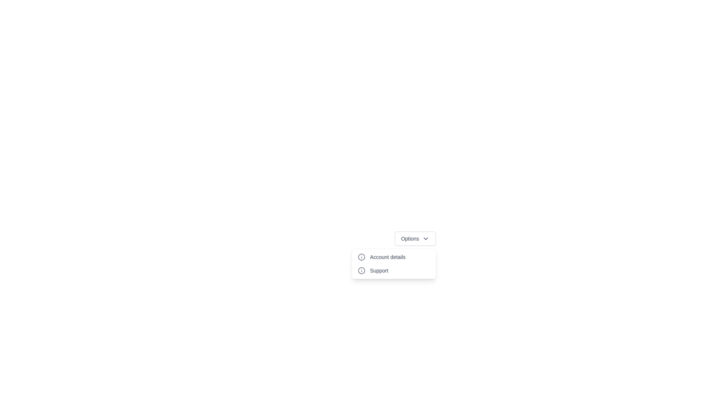 This screenshot has height=406, width=721. Describe the element at coordinates (362, 271) in the screenshot. I see `the circular icon with a stylized letter 'i' in the center, which is the first icon in the 'Support' menu item, positioned to the left of the 'Support' text label` at that location.